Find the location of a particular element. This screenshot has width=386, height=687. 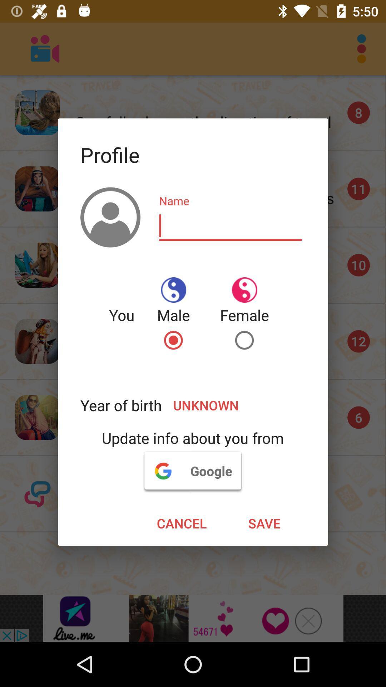

the save is located at coordinates (264, 523).